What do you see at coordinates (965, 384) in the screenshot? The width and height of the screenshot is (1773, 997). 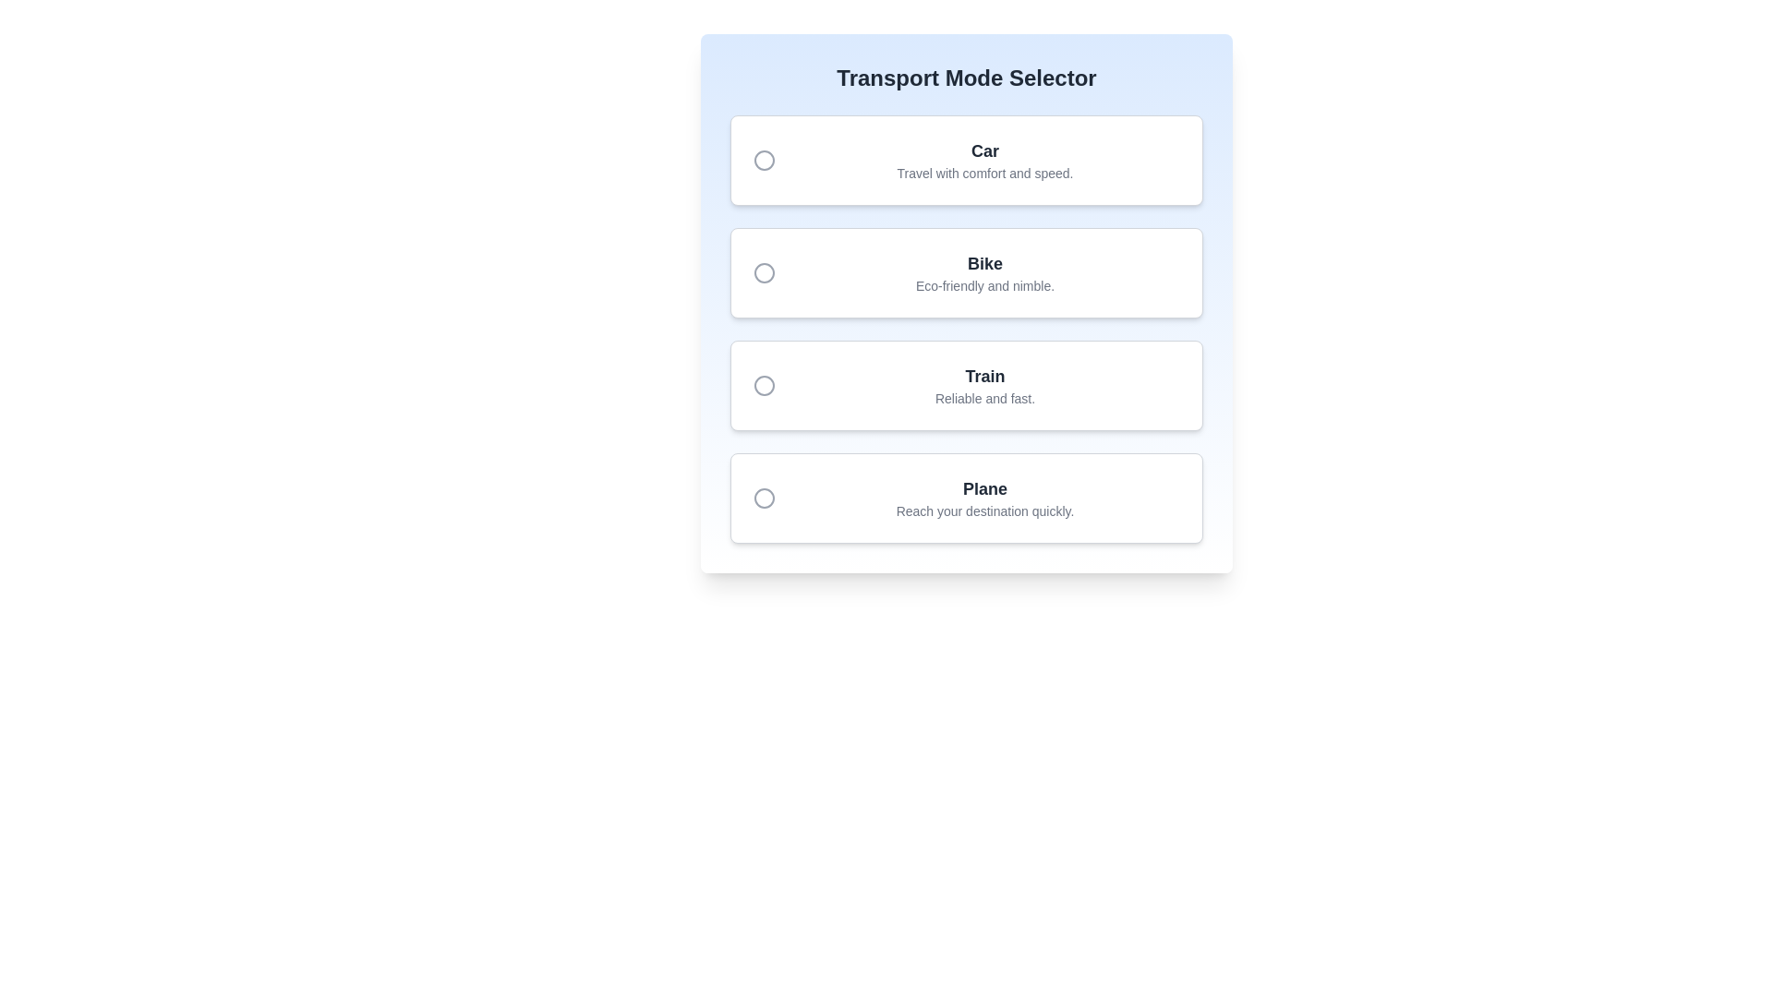 I see `to select the third option in the 'Transport Mode Selector' list, which is labeled 'Train' and contains the detail 'Reliable and fast.'` at bounding box center [965, 384].